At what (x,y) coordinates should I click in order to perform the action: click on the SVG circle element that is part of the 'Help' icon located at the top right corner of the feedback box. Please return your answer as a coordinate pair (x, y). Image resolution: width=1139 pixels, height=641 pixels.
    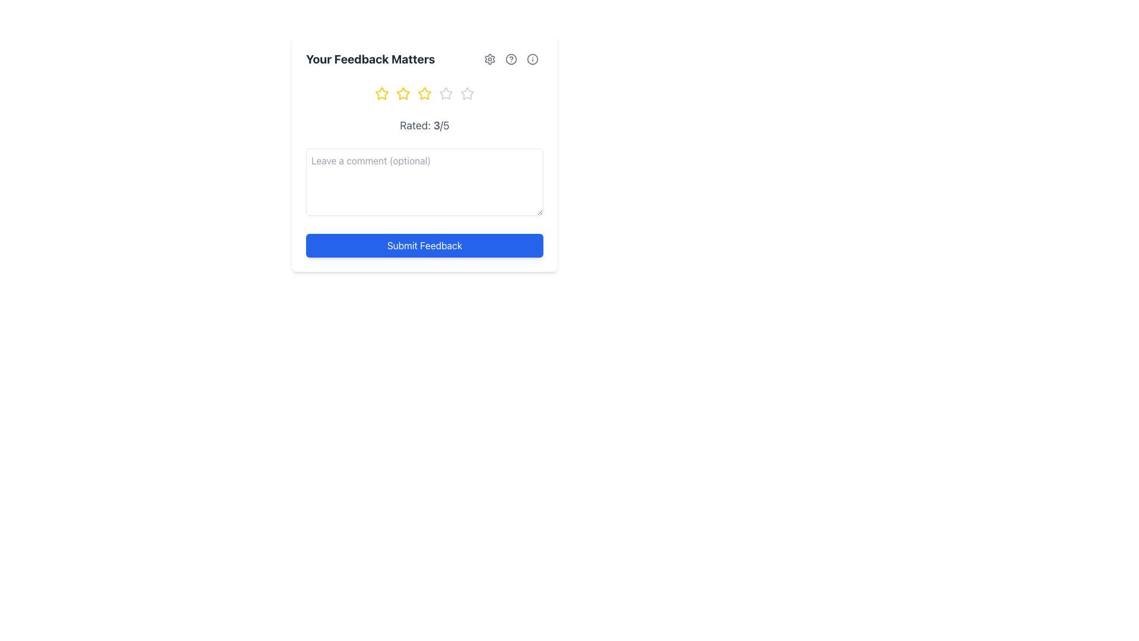
    Looking at the image, I should click on (511, 59).